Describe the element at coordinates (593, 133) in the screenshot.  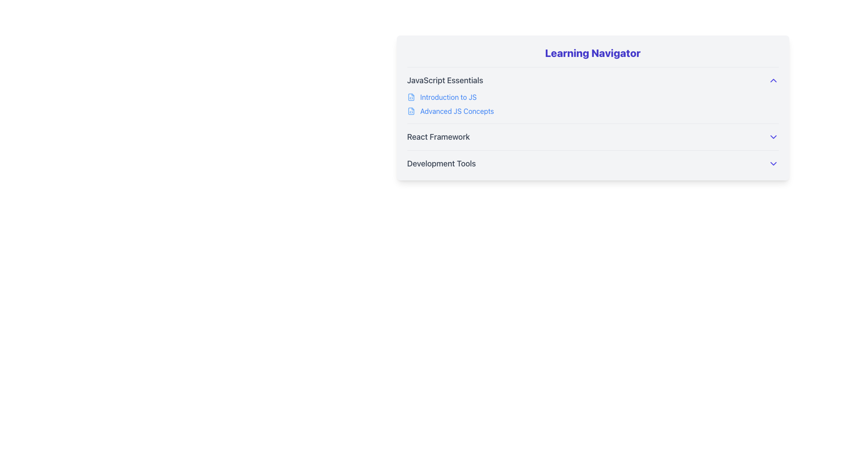
I see `the fourth entry in the 'Learning Navigator' dropdown menu, which allows users` at that location.